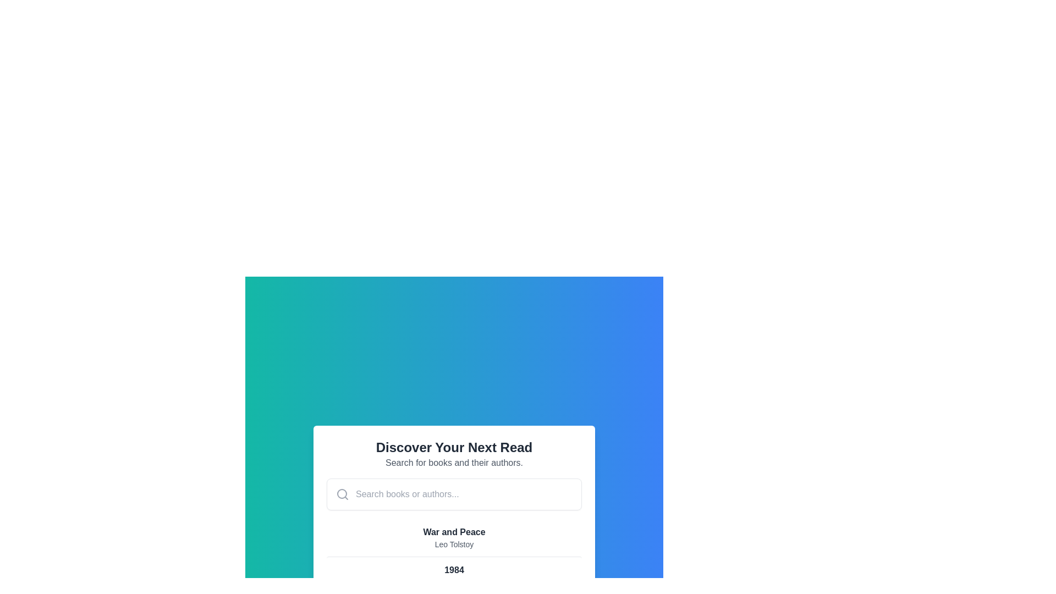  I want to click on the bold title text element that reads 'Discover Your Next Read', which is prominently displayed in dark gray on a light background, located at the top of the white panel, so click(454, 447).